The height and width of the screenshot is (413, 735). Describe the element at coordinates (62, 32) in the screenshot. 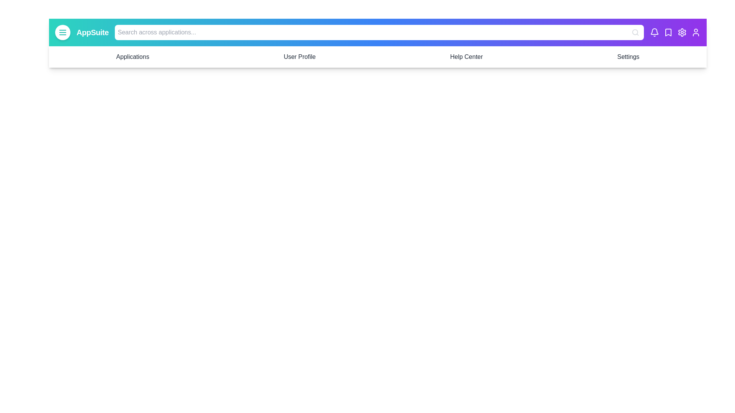

I see `the toggle button to toggle the menu` at that location.